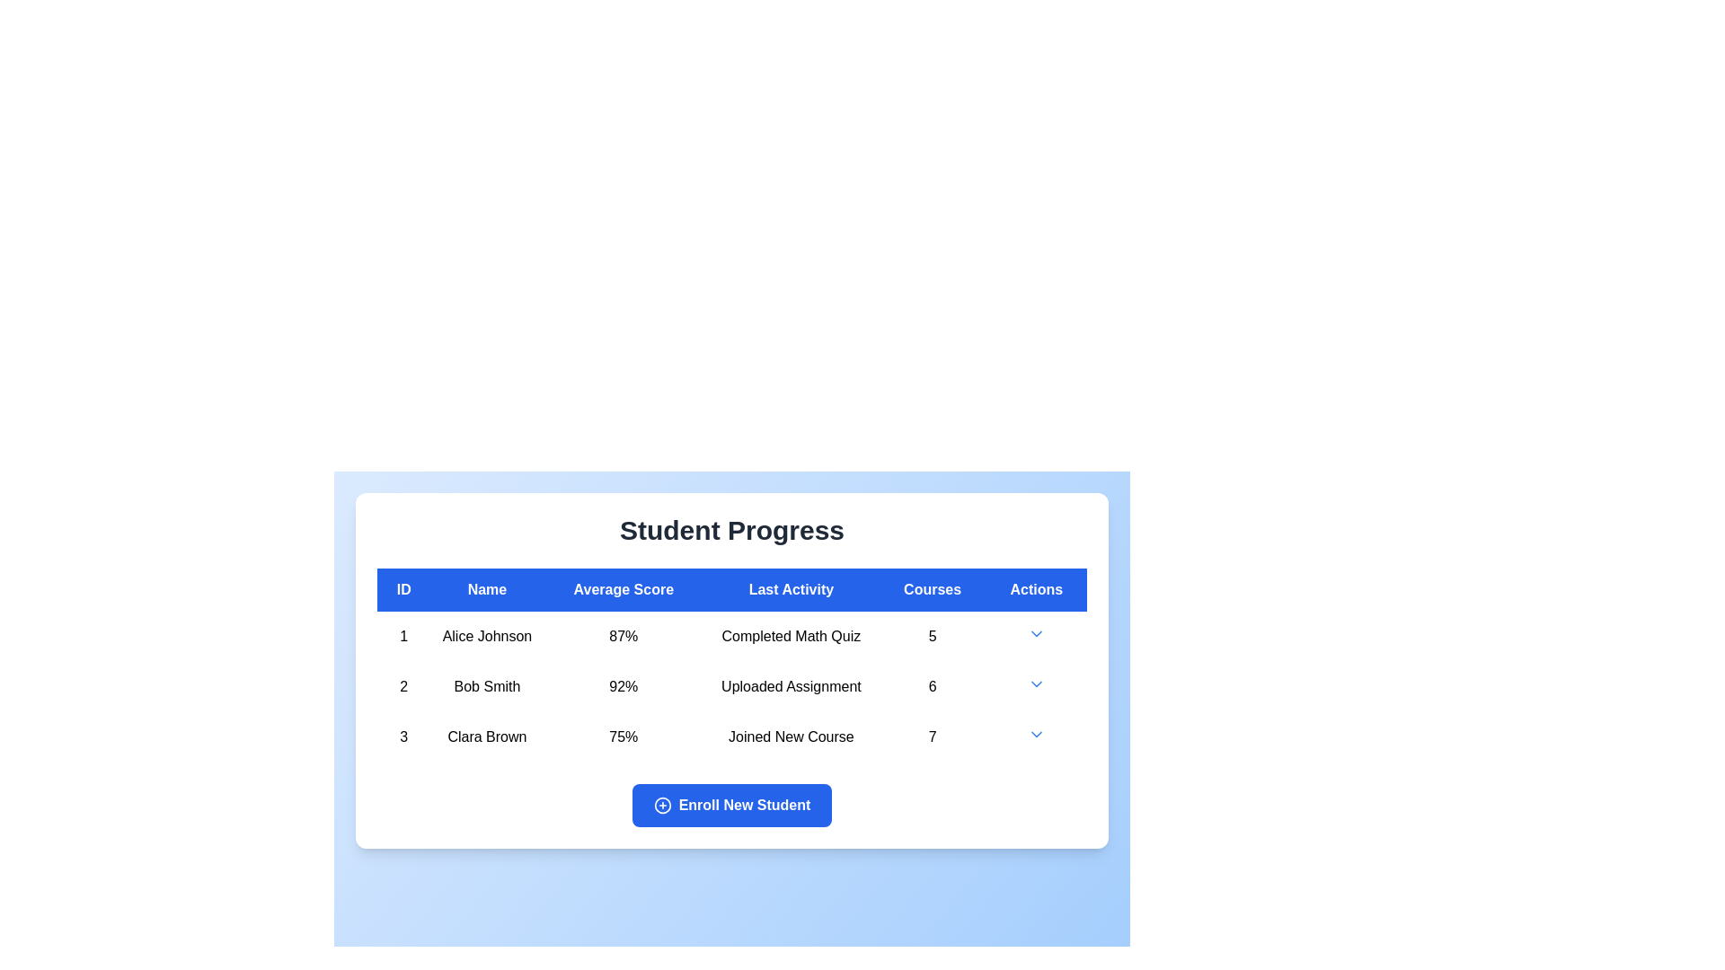  Describe the element at coordinates (402, 636) in the screenshot. I see `the text element representing the unique ID number of 'Alice Johnson' located in the first column of the table under the 'ID' header` at that location.